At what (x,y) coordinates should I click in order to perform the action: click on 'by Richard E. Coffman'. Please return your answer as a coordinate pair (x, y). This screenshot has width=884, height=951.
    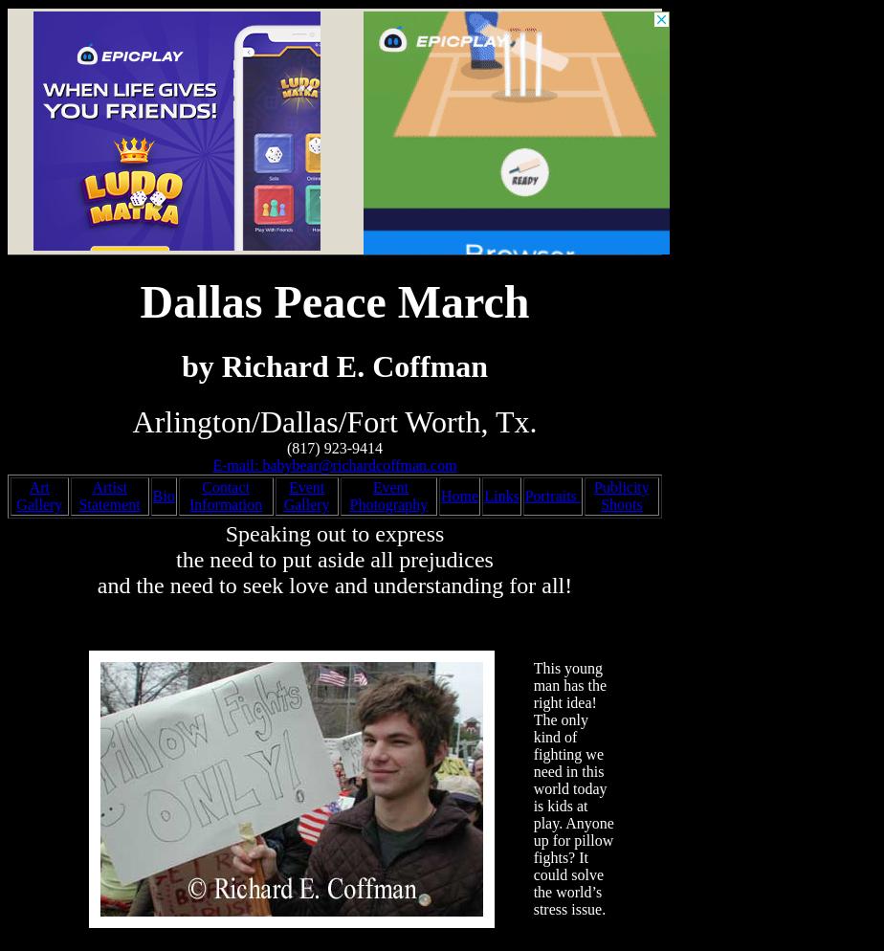
    Looking at the image, I should click on (334, 365).